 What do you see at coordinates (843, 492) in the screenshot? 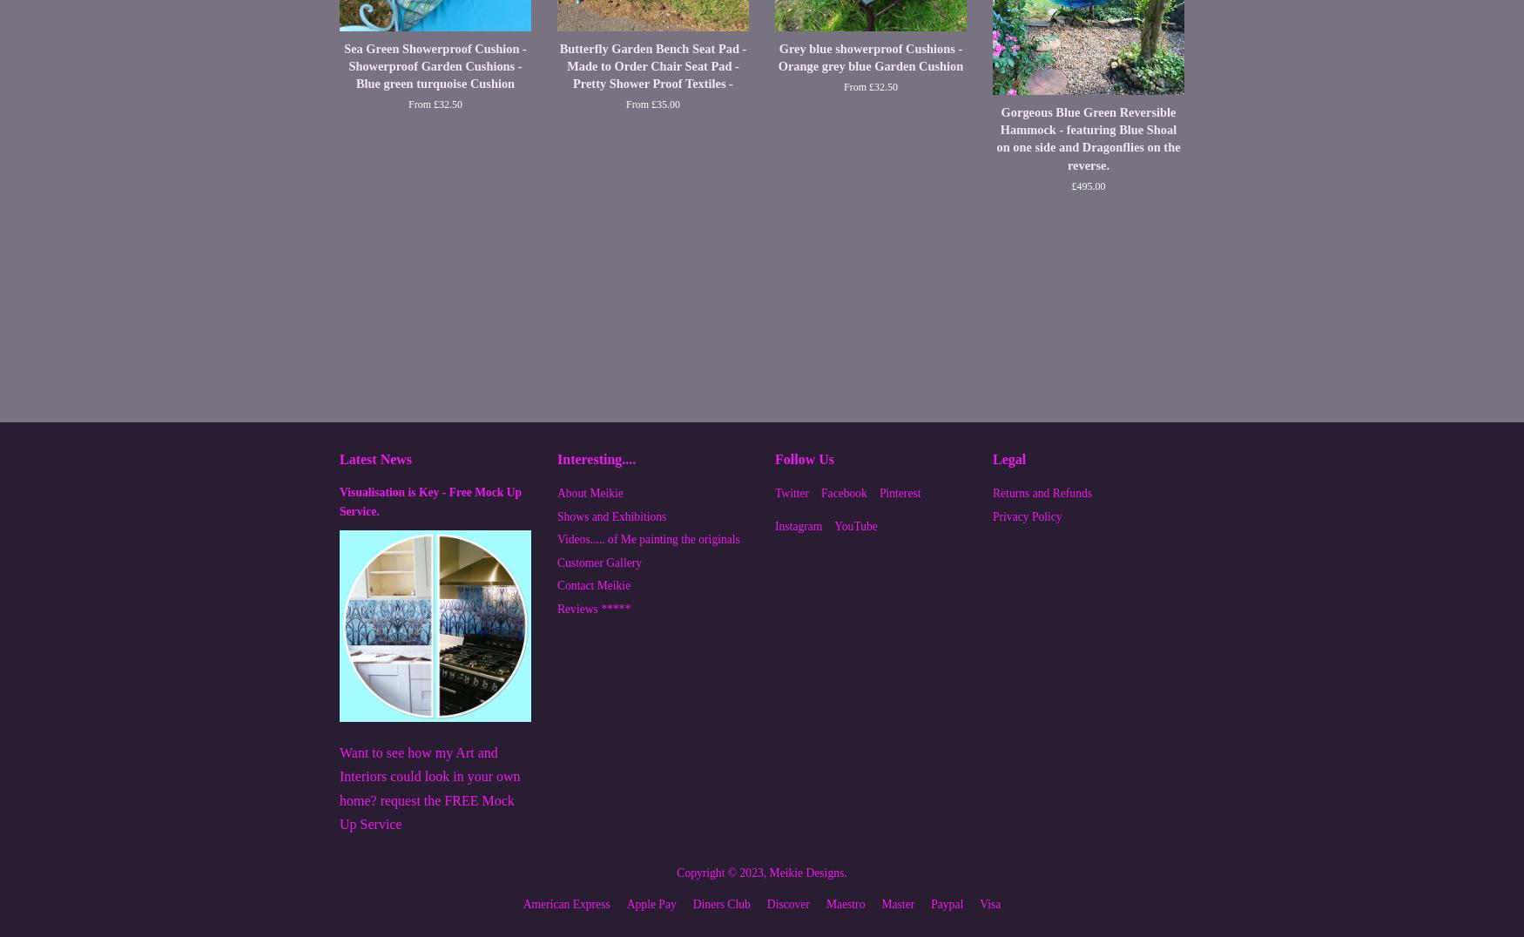
I see `'Facebook'` at bounding box center [843, 492].